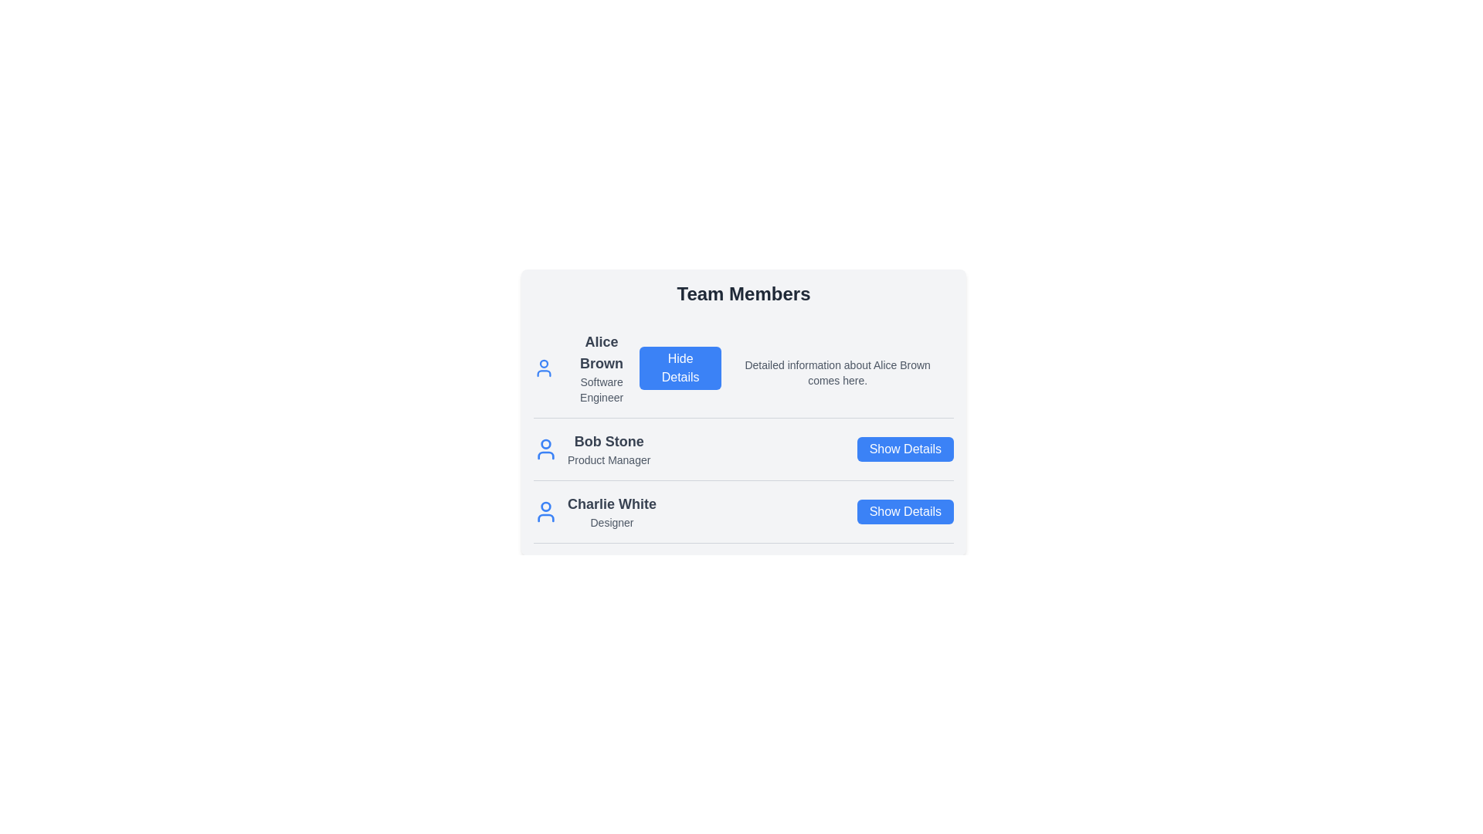 The image size is (1483, 834). Describe the element at coordinates (905, 512) in the screenshot. I see `'Show Details' button for the profile with the name Charlie White` at that location.